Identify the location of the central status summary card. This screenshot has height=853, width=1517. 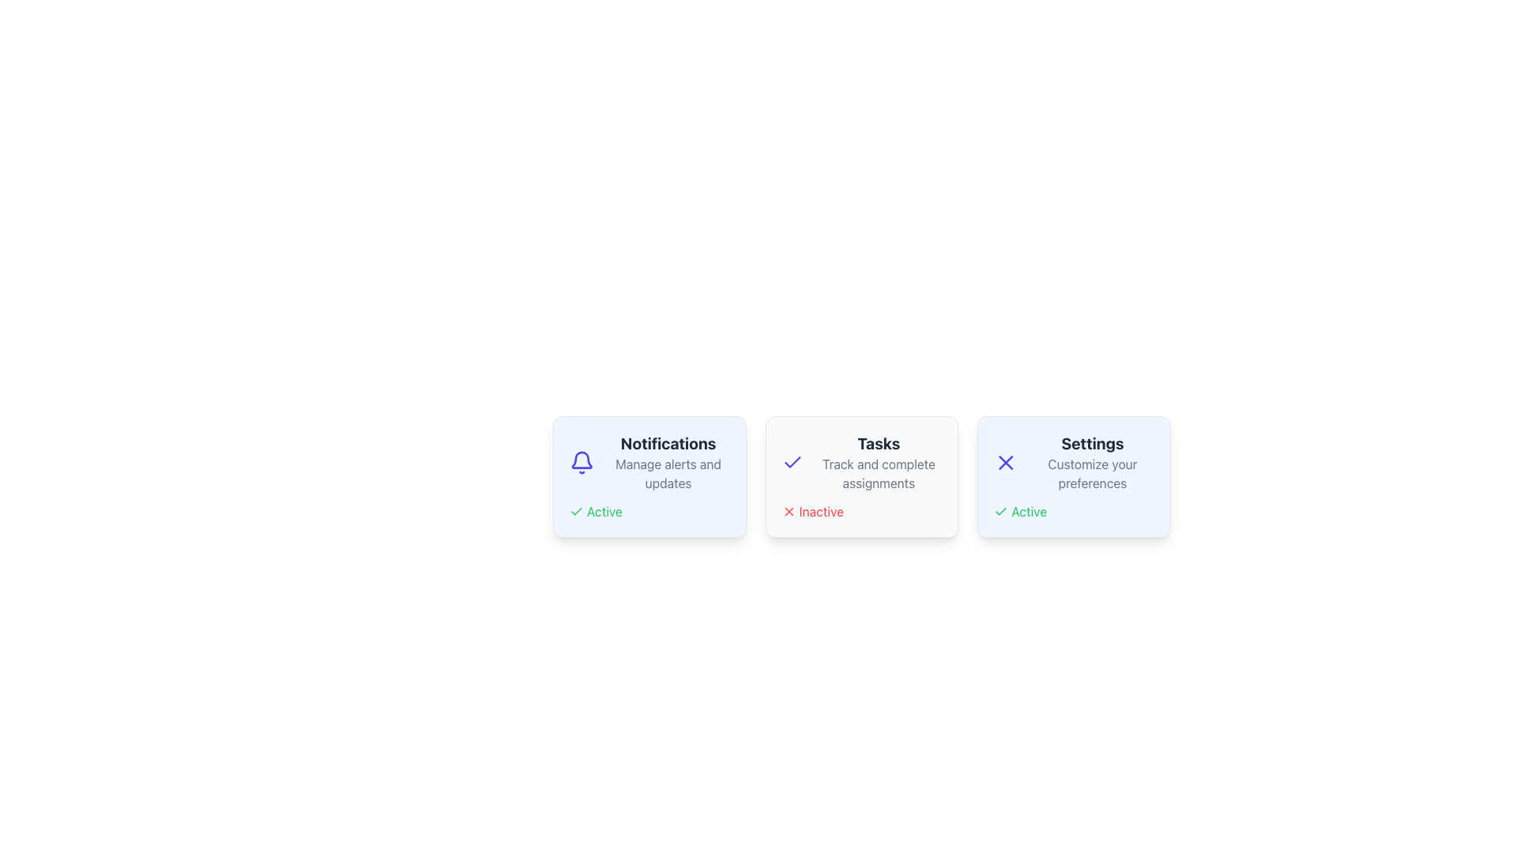
(860, 536).